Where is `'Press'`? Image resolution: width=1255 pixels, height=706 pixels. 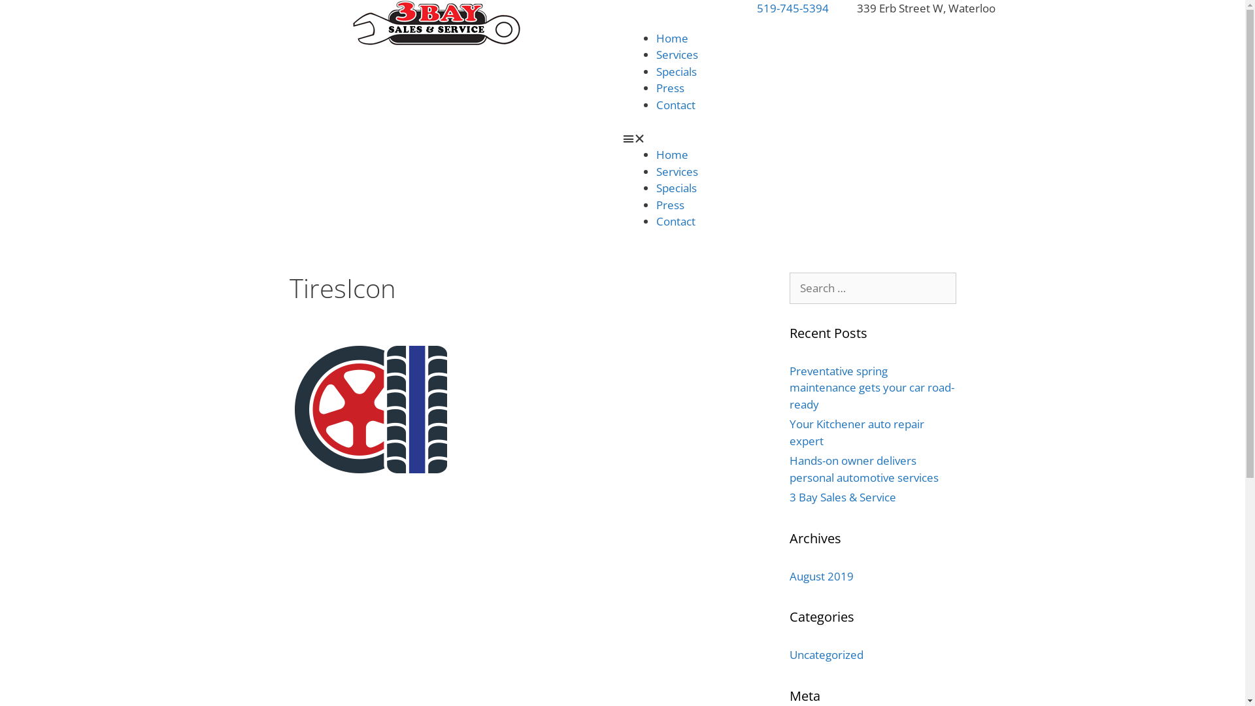
'Press' is located at coordinates (670, 88).